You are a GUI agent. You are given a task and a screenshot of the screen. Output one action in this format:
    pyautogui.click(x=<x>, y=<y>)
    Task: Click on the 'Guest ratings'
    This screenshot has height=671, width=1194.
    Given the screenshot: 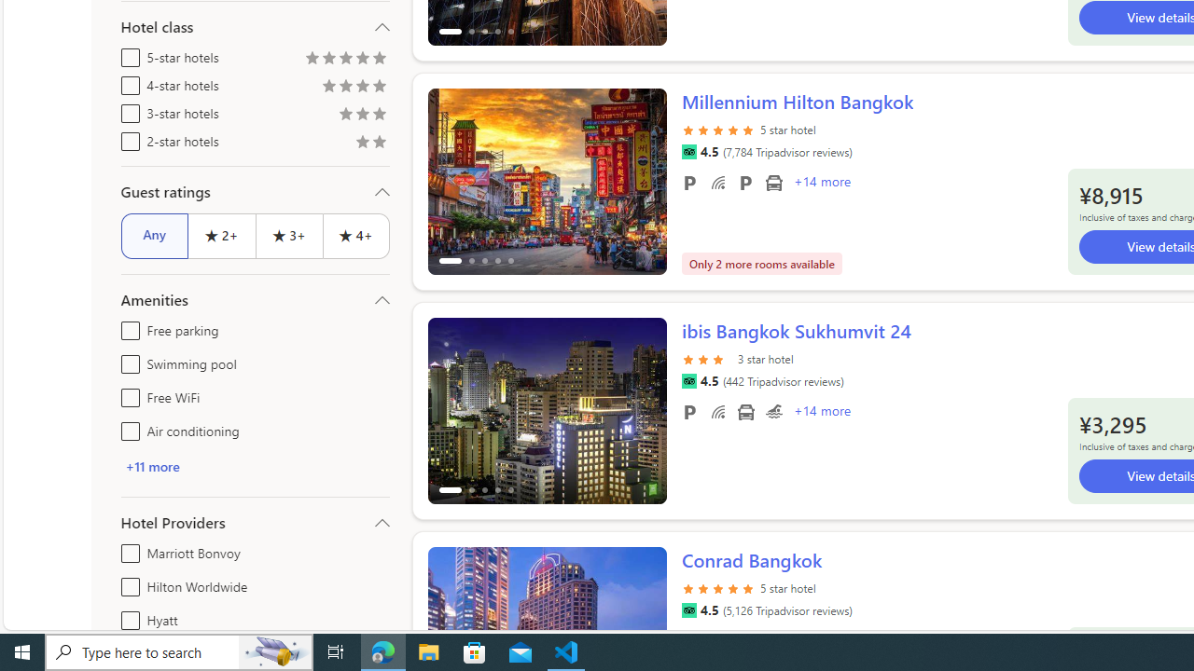 What is the action you would take?
    pyautogui.click(x=254, y=191)
    